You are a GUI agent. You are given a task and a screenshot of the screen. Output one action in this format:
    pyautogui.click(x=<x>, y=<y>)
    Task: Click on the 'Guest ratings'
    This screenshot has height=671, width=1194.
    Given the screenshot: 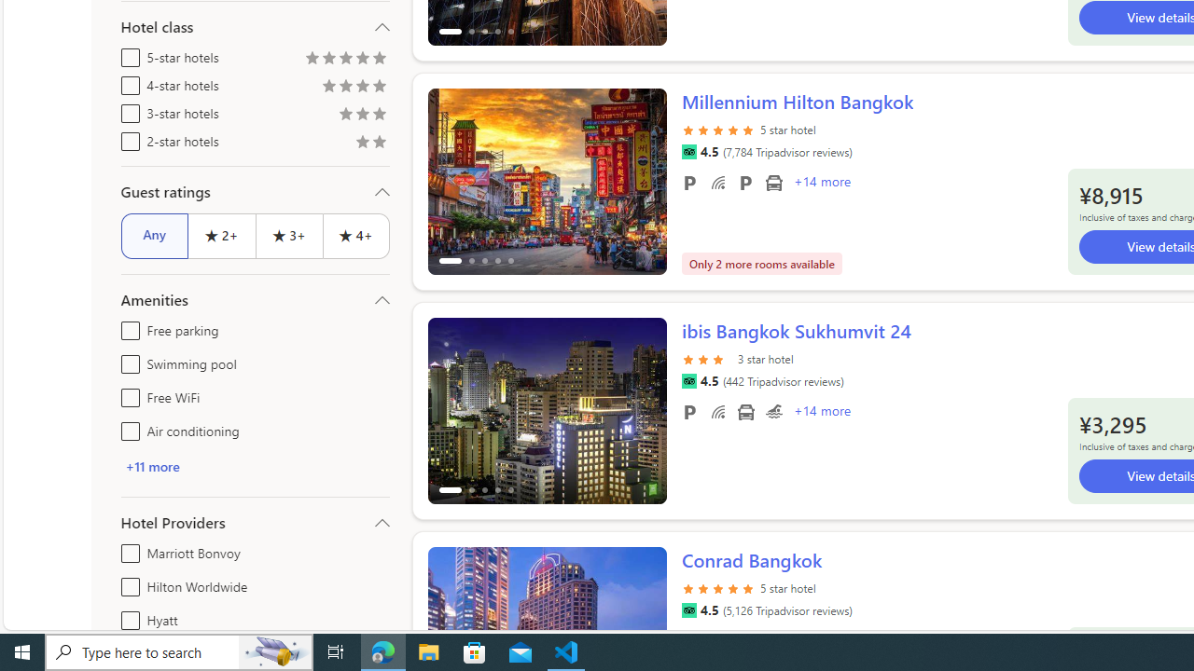 What is the action you would take?
    pyautogui.click(x=254, y=191)
    